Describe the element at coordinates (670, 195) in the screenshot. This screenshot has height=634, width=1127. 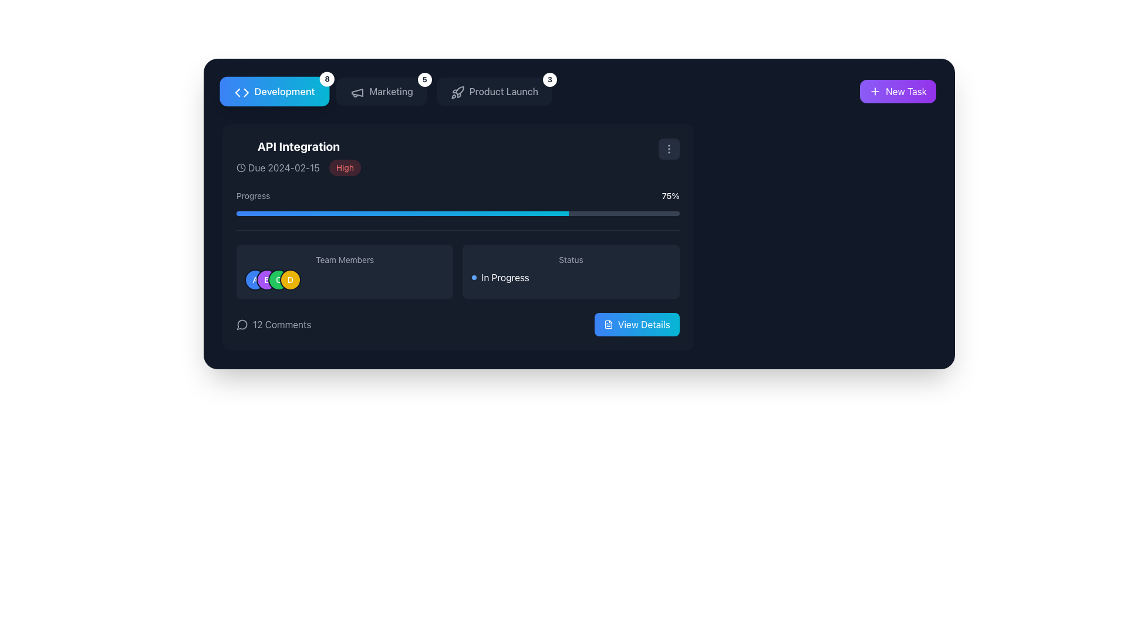
I see `the text label displaying '75%' to potentially see additional details about the progress completed` at that location.